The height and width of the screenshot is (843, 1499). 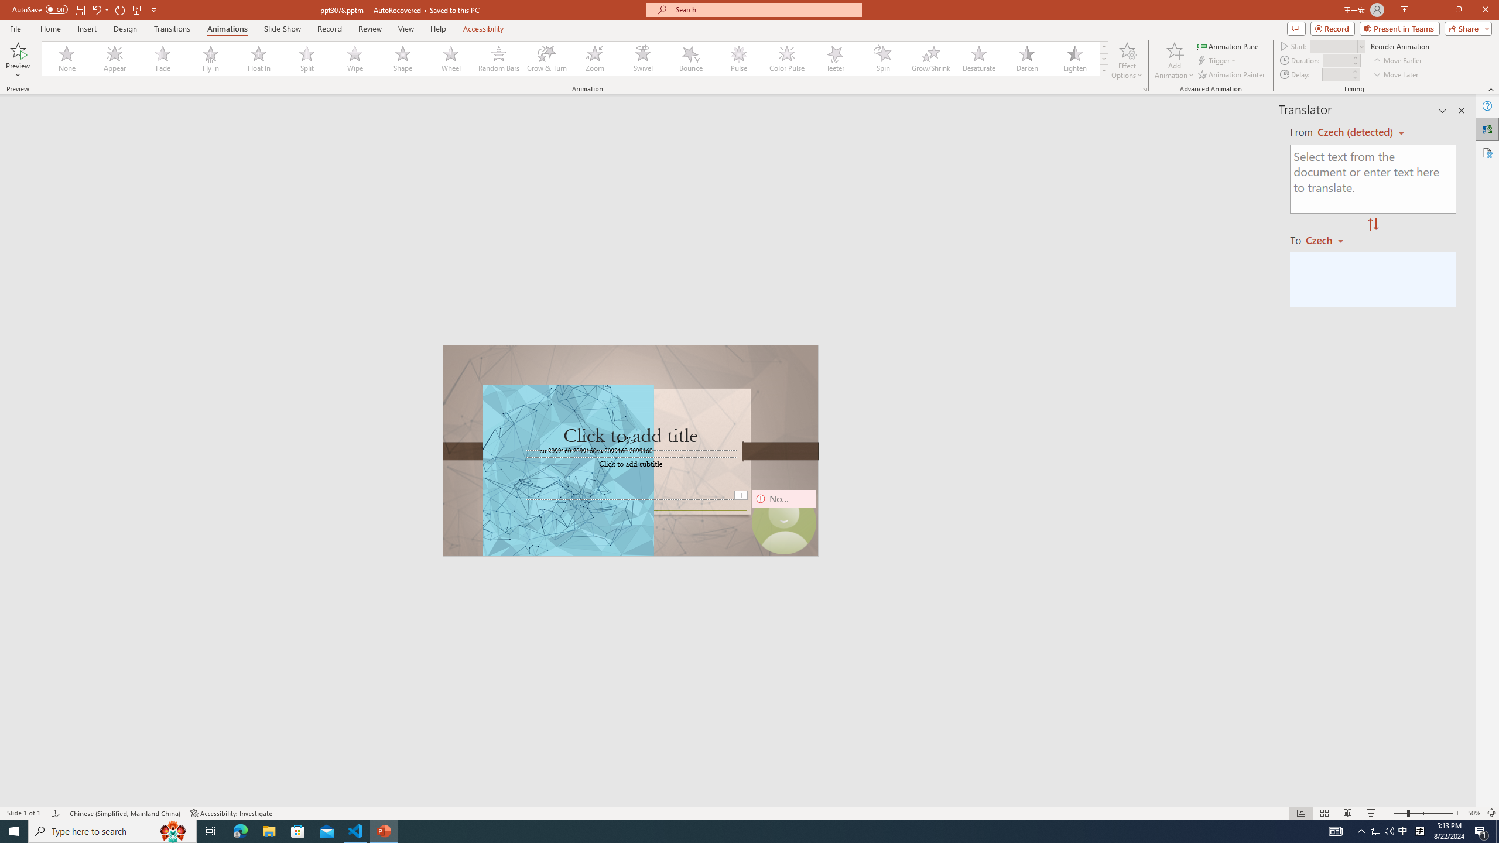 I want to click on 'Camera 9, No camera detected.', so click(x=783, y=522).